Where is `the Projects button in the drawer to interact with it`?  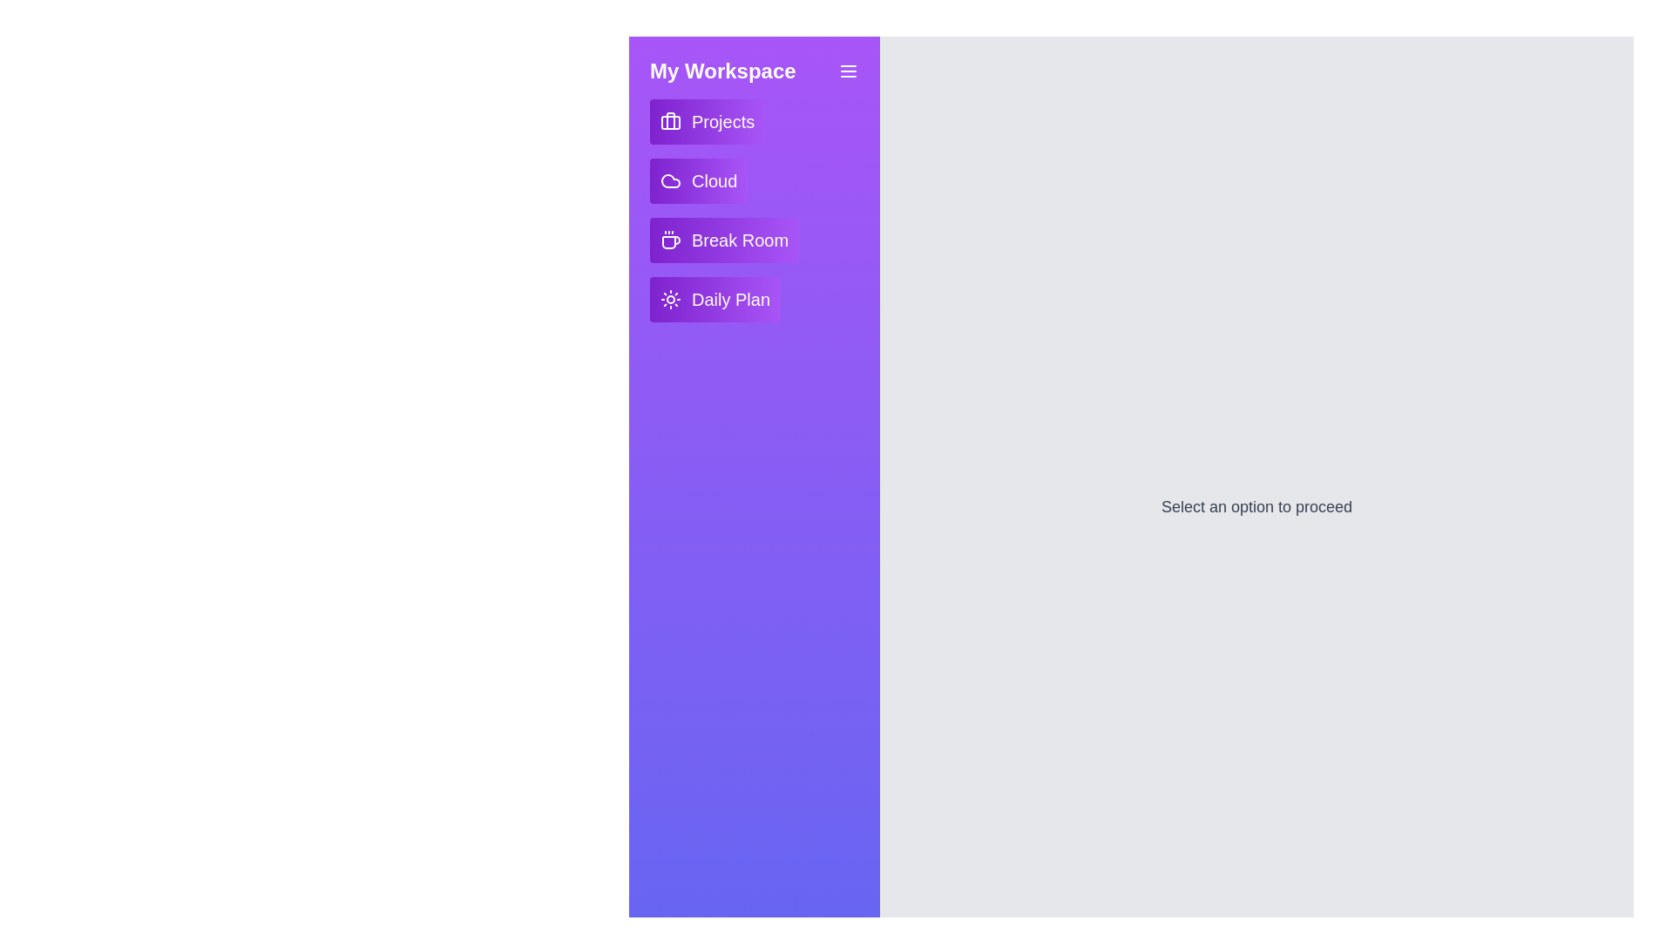
the Projects button in the drawer to interact with it is located at coordinates (707, 120).